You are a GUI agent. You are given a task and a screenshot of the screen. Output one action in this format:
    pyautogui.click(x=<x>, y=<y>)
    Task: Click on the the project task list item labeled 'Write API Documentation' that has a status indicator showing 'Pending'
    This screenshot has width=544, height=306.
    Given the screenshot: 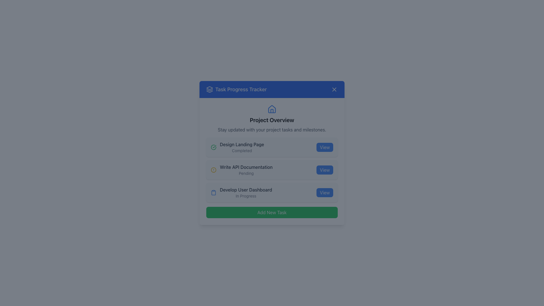 What is the action you would take?
    pyautogui.click(x=246, y=170)
    